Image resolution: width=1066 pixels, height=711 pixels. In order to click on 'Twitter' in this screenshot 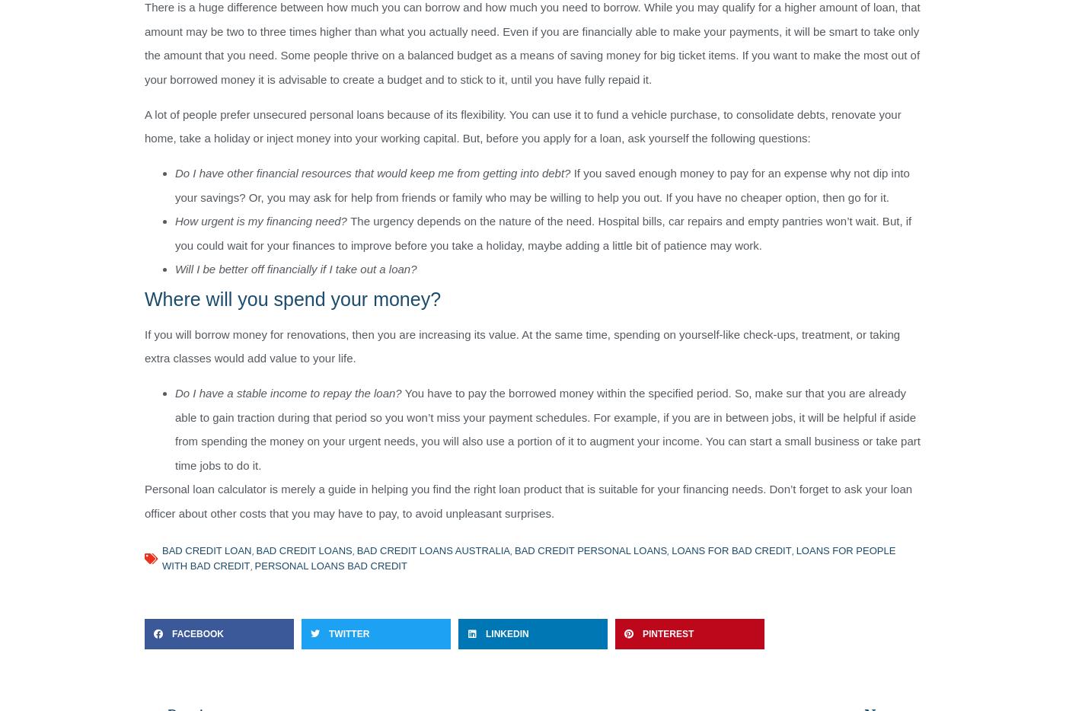, I will do `click(349, 634)`.